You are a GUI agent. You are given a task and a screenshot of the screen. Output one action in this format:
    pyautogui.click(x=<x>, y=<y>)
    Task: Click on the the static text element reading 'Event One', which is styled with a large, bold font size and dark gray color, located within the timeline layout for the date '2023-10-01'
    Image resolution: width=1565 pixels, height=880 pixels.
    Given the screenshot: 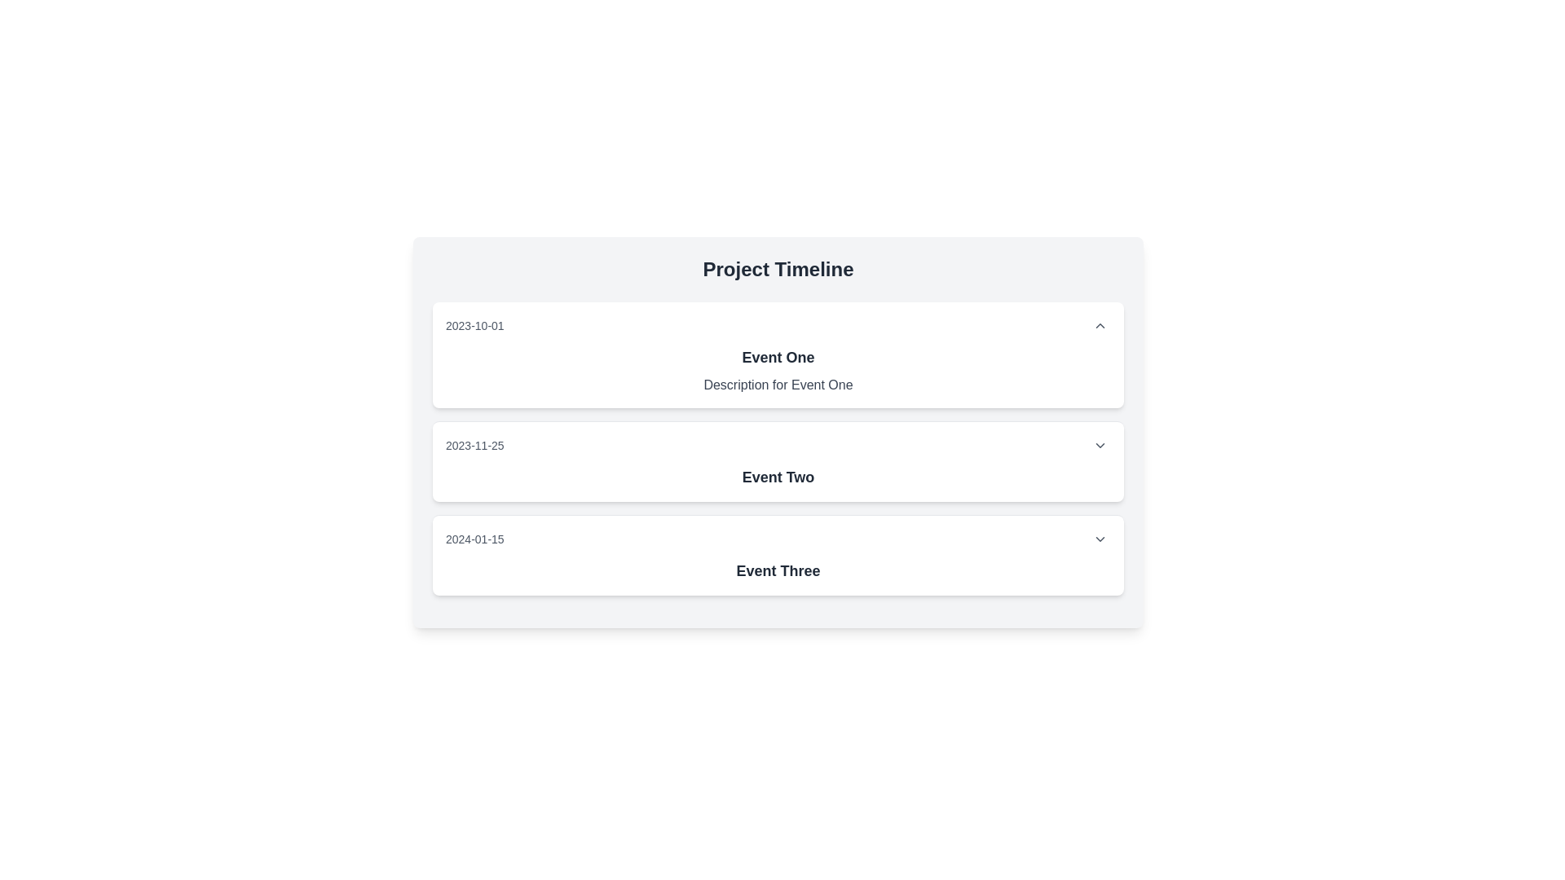 What is the action you would take?
    pyautogui.click(x=778, y=357)
    